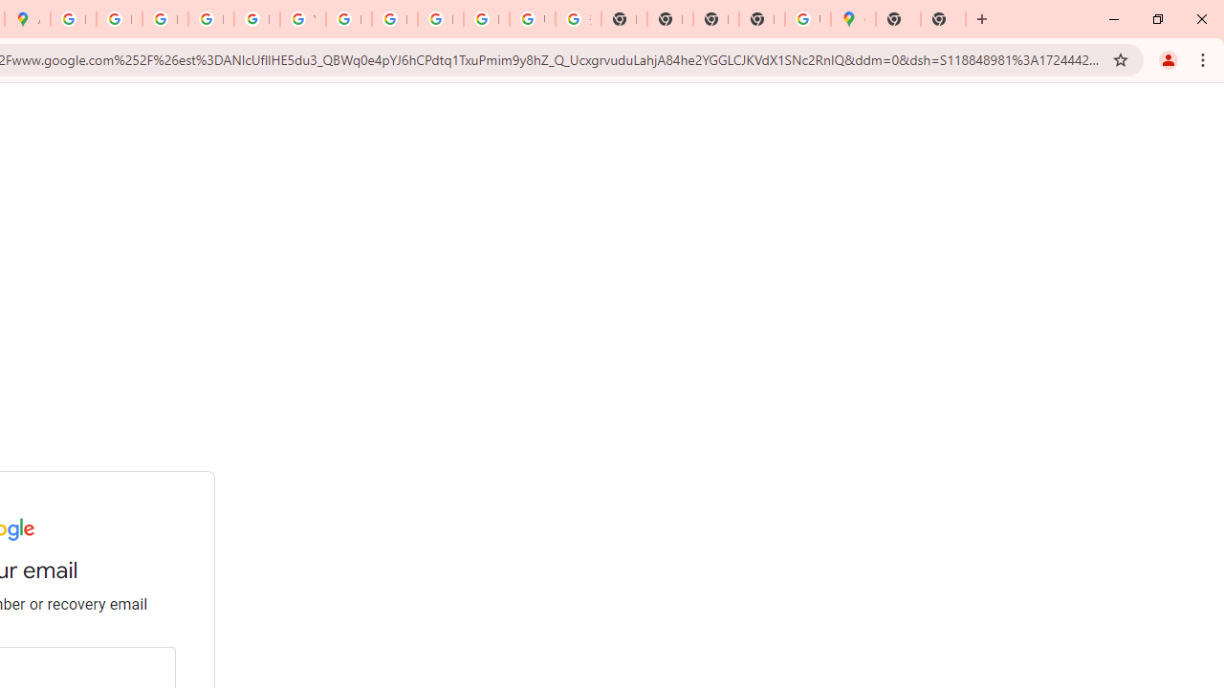  What do you see at coordinates (73, 19) in the screenshot?
I see `'Policy Accountability and Transparency - Transparency Center'` at bounding box center [73, 19].